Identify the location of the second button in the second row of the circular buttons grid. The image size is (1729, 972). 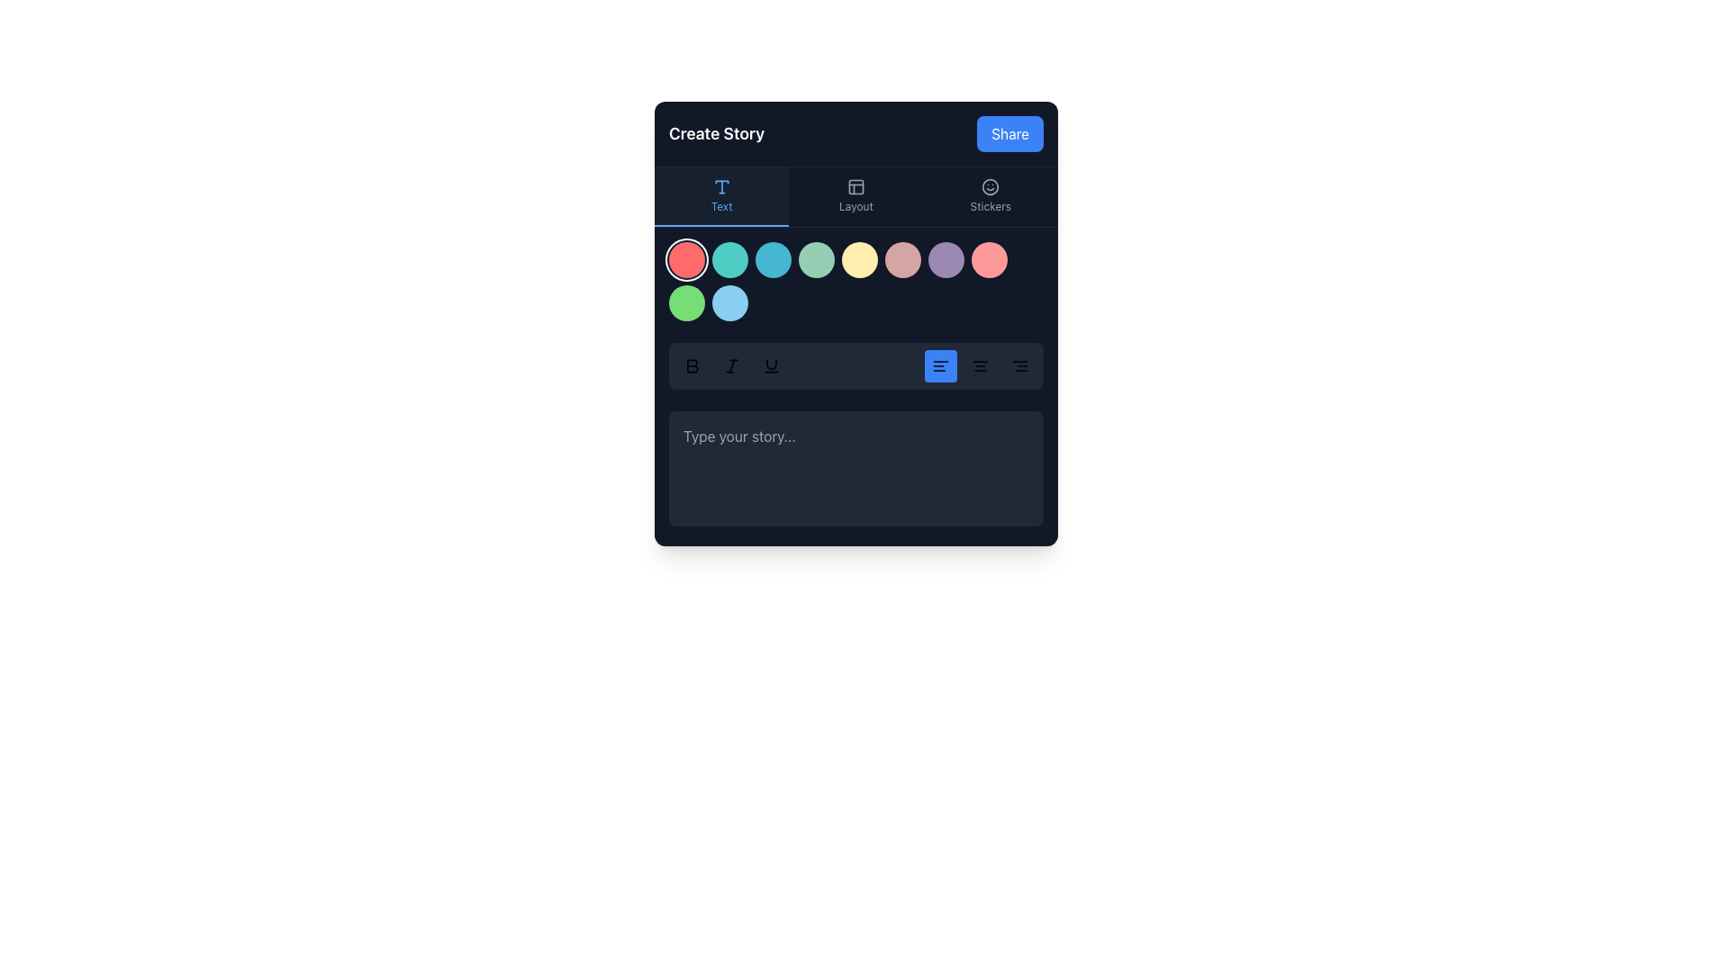
(686, 301).